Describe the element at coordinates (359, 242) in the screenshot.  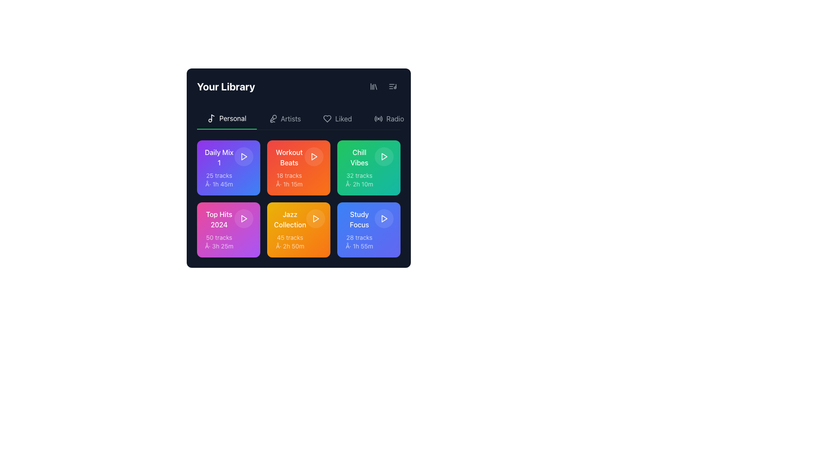
I see `the information displayed in the 'Study Focus' playlist Text Display, which shows the total number of tracks (28) and their combined duration (1 hour and 55 minutes). This element is located at the bottom of the 'Study Focus' card, directly beneath the title label` at that location.